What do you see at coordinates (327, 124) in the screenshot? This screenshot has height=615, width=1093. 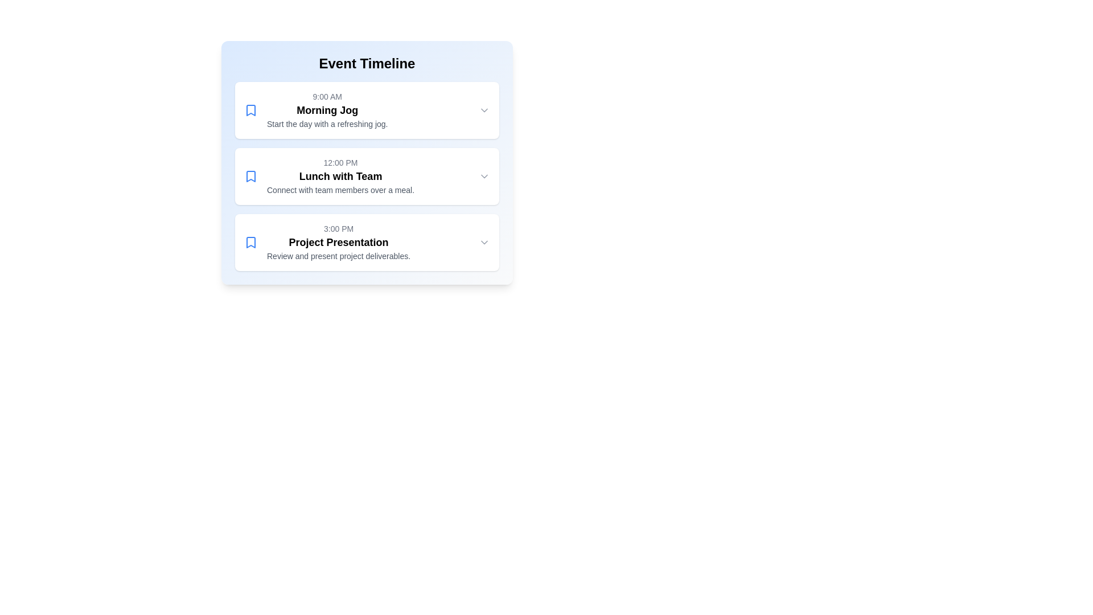 I see `the text label that reads 'Start the day with a refreshing jog.' which is styled with a small, gray-colored font and is located below the title 'Morning Jog'` at bounding box center [327, 124].